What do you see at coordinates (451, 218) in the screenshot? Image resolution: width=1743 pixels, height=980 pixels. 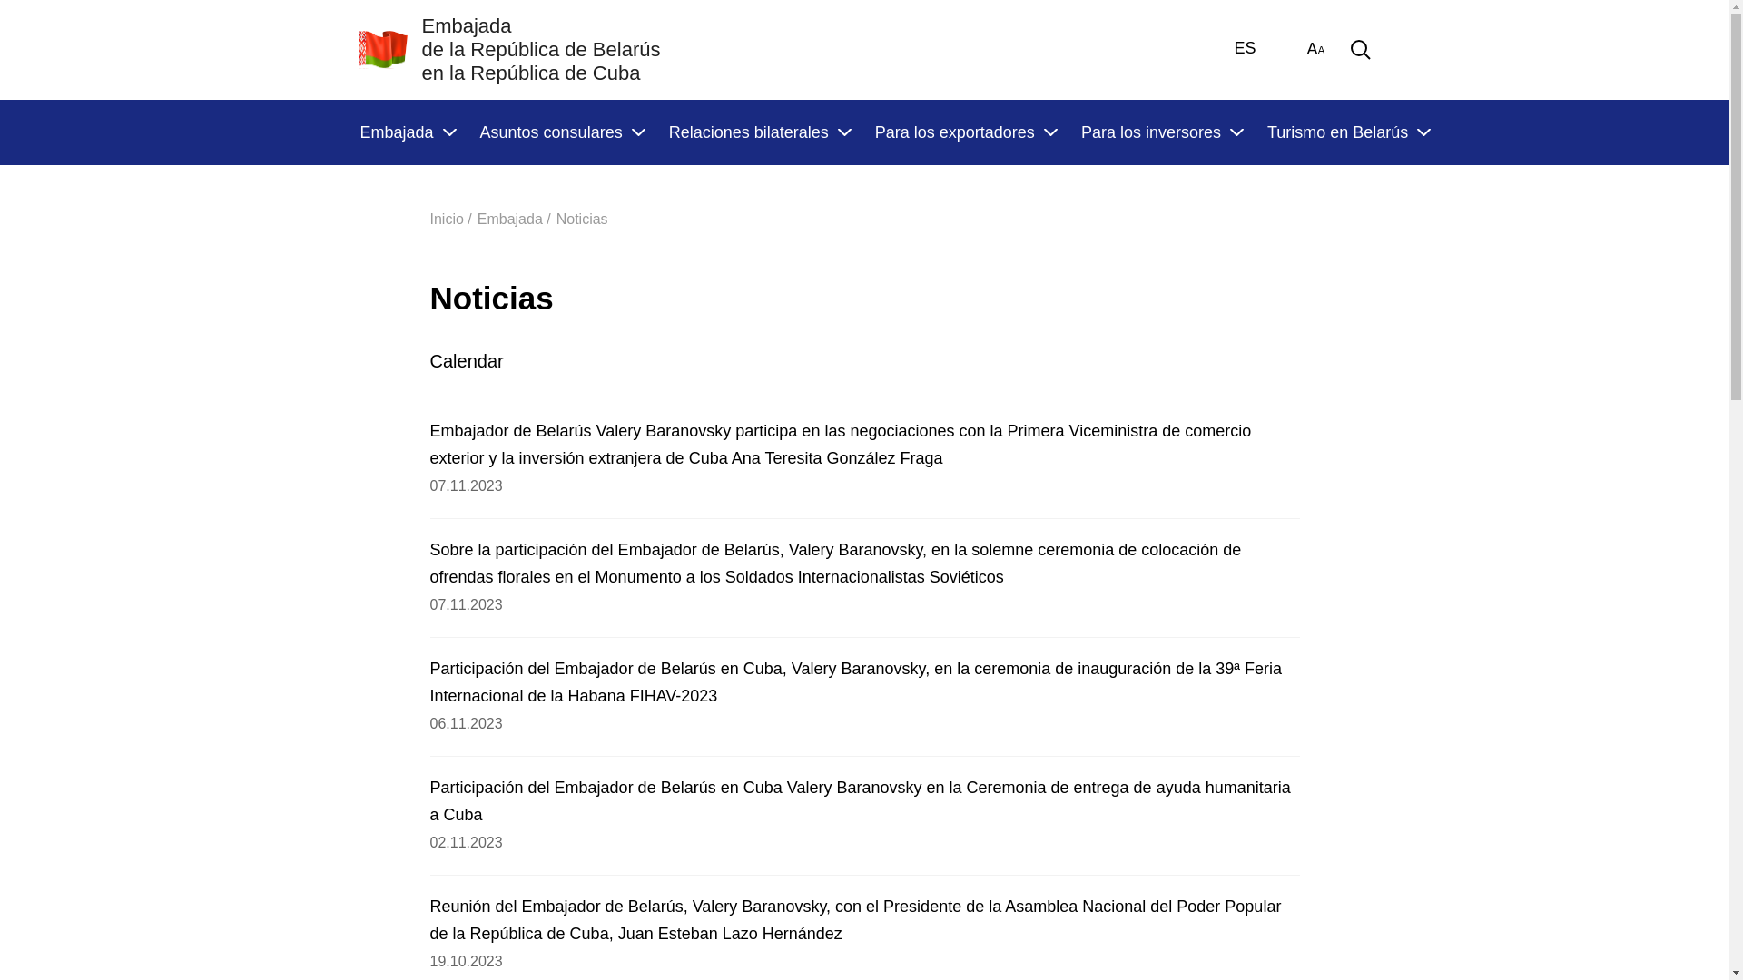 I see `'Inicio /'` at bounding box center [451, 218].